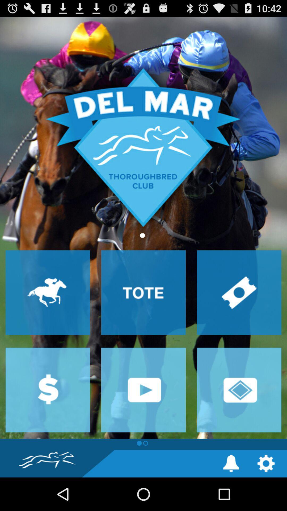  What do you see at coordinates (143, 228) in the screenshot?
I see `home page` at bounding box center [143, 228].